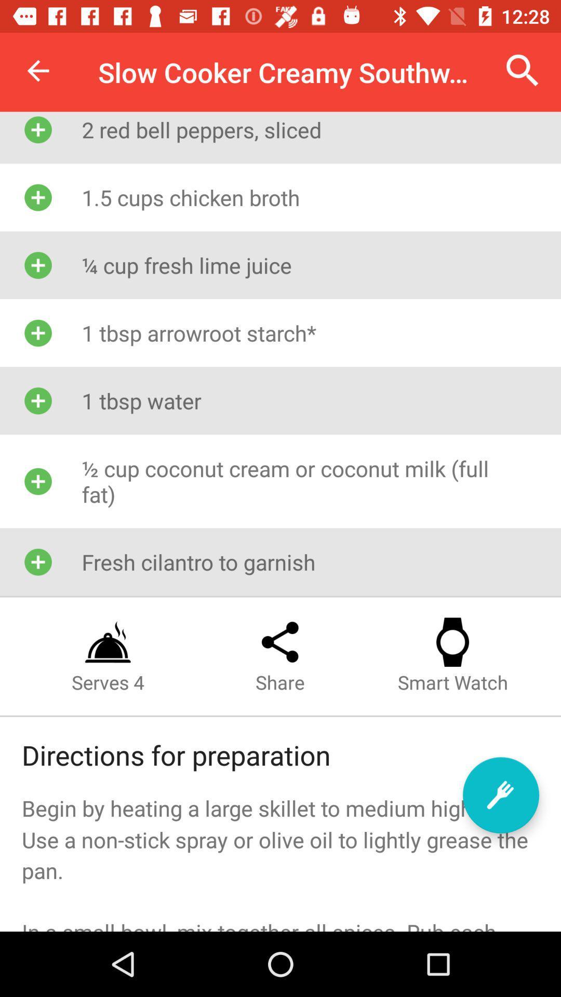 The width and height of the screenshot is (561, 997). I want to click on the item next to the slow cooker creamy icon, so click(37, 70).